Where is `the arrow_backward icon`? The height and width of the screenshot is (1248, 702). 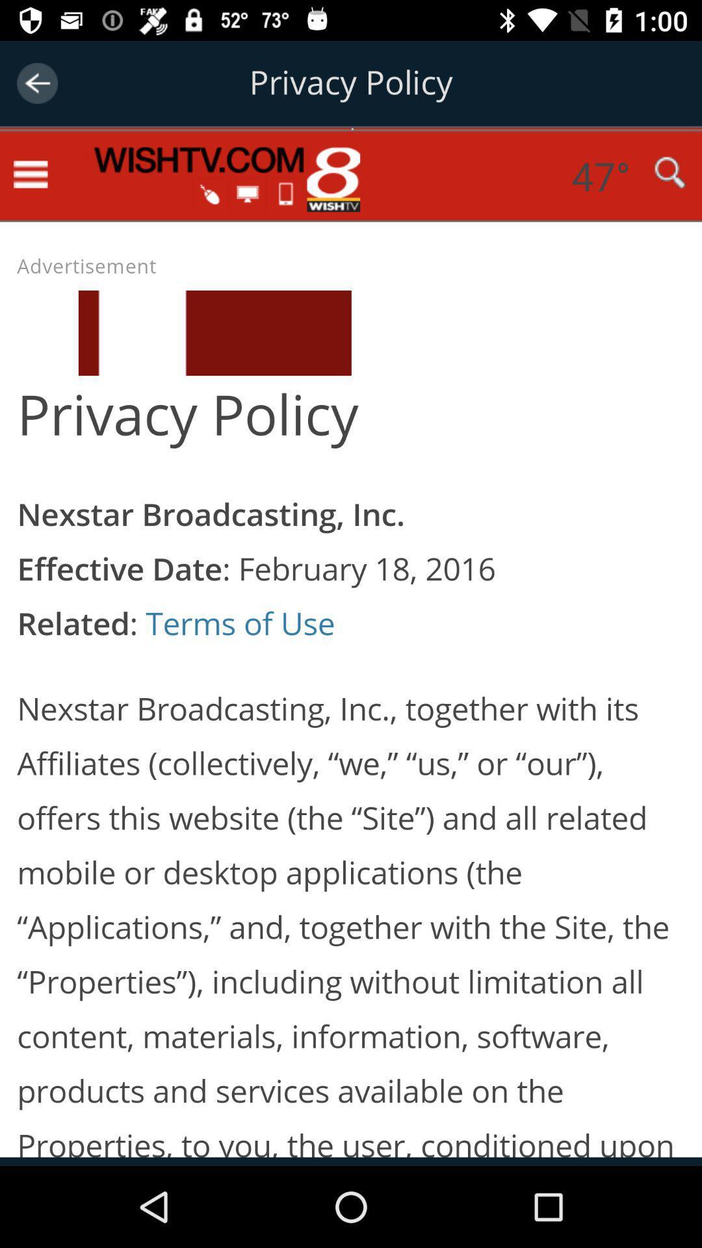
the arrow_backward icon is located at coordinates (36, 83).